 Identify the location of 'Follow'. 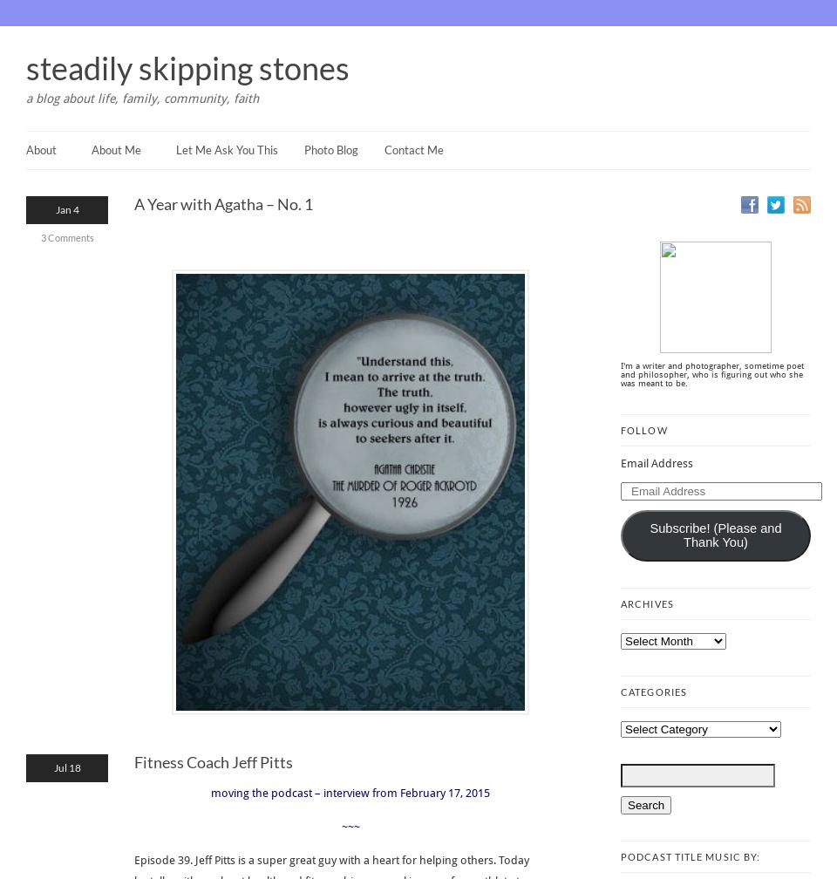
(621, 430).